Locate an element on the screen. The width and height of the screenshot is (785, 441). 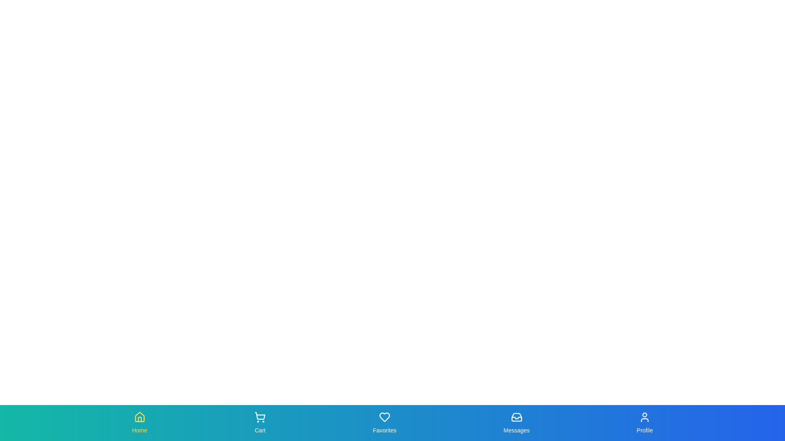
the Messages tab in the bottom navigation bar is located at coordinates (516, 423).